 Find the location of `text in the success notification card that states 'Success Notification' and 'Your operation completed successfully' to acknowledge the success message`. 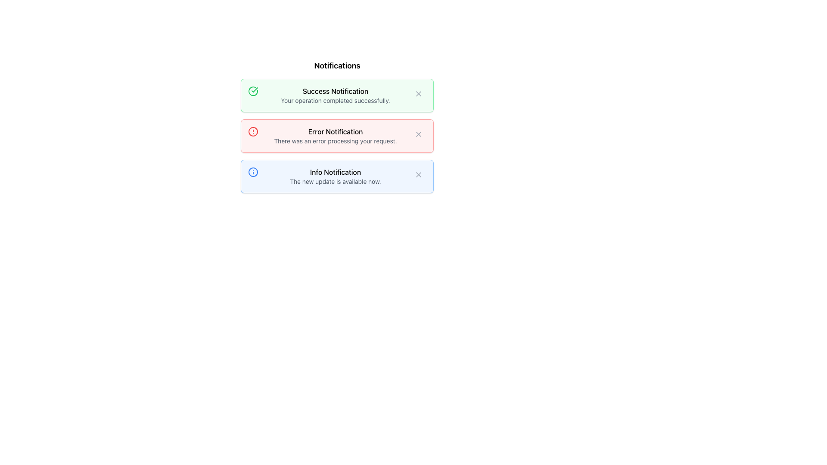

text in the success notification card that states 'Success Notification' and 'Your operation completed successfully' to acknowledge the success message is located at coordinates (335, 96).